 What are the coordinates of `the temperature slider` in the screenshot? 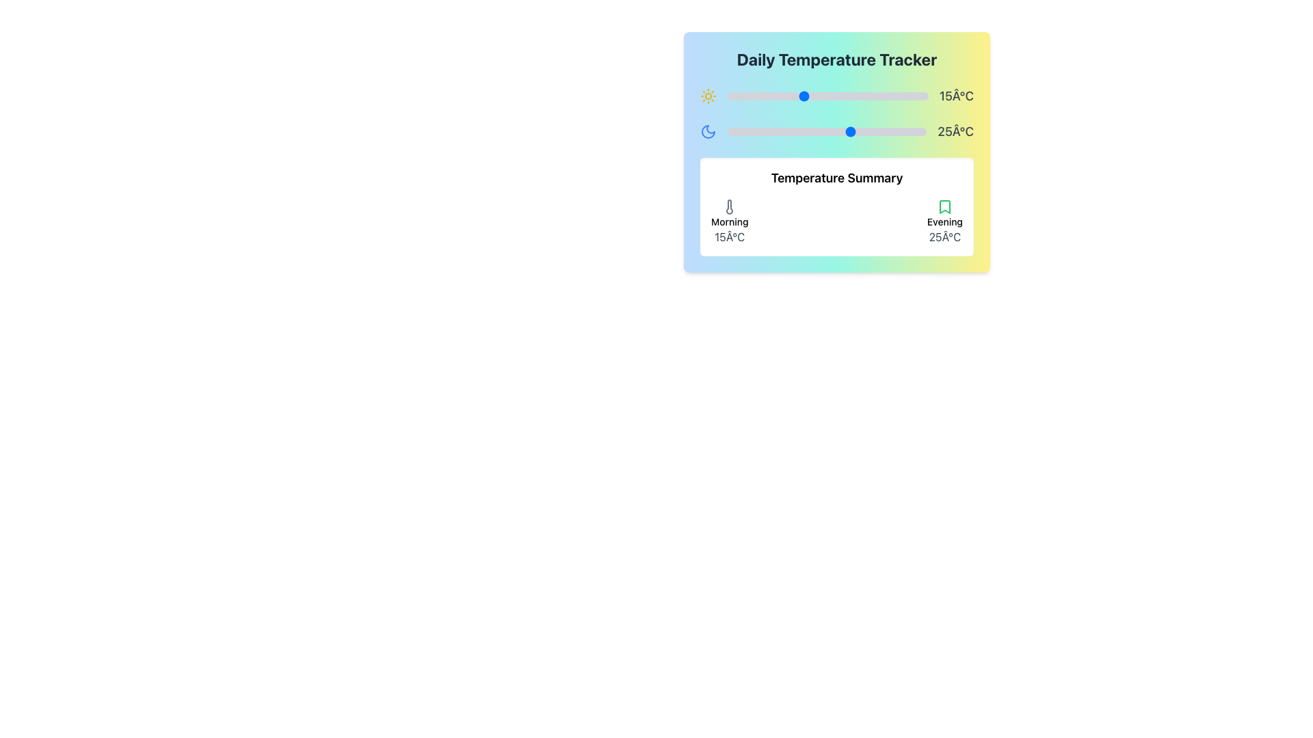 It's located at (913, 96).